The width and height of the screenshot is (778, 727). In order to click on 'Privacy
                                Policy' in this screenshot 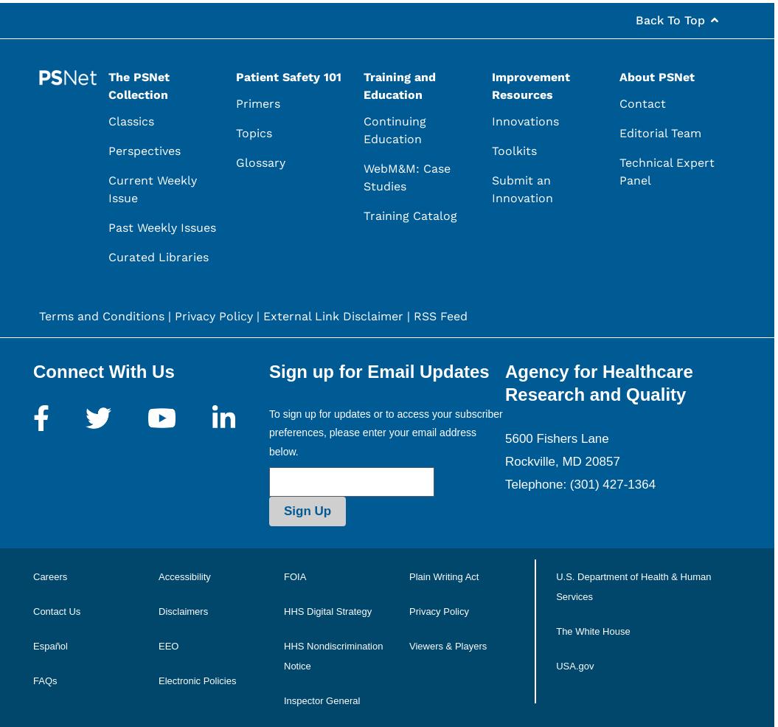, I will do `click(439, 610)`.